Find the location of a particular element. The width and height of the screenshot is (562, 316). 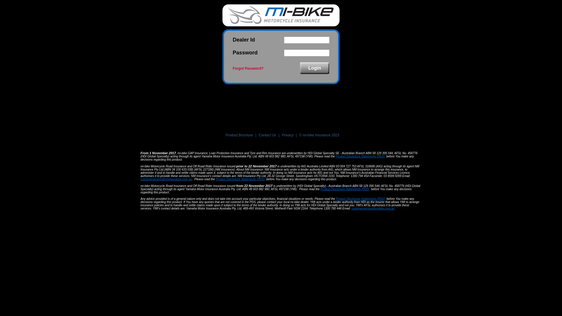

'customerservice@mibike.com.au' is located at coordinates (372, 208).